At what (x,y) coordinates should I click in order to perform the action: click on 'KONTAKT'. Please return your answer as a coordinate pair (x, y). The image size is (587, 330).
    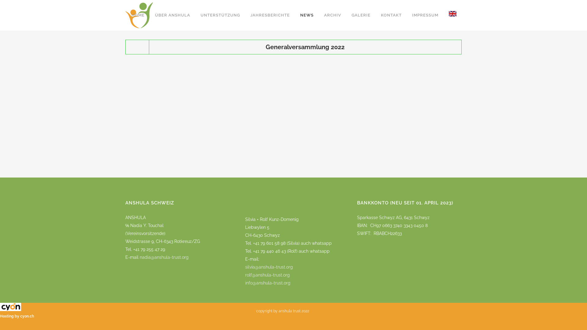
    Looking at the image, I should click on (391, 15).